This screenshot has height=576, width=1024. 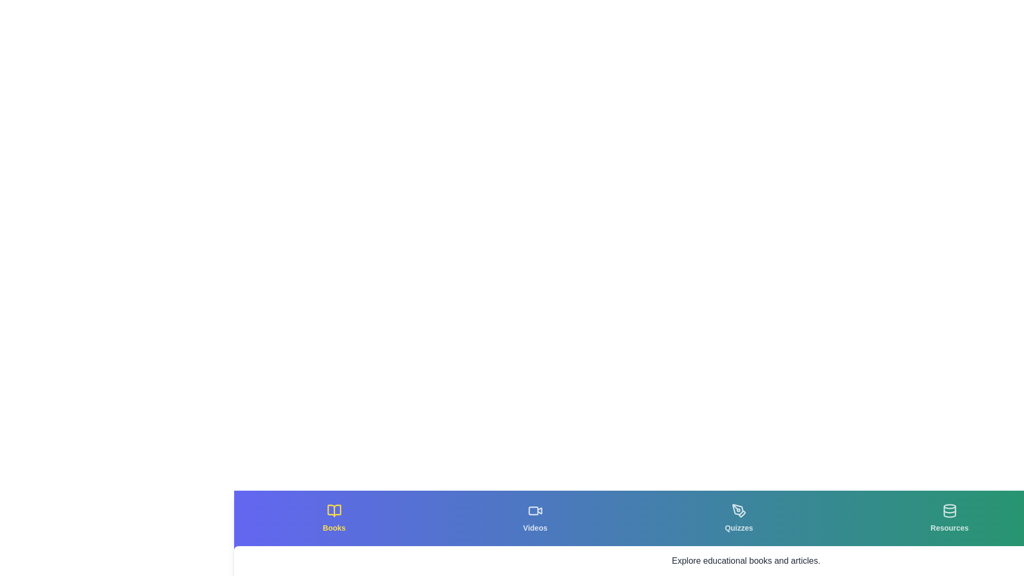 What do you see at coordinates (949, 518) in the screenshot?
I see `the tab labeled Resources` at bounding box center [949, 518].